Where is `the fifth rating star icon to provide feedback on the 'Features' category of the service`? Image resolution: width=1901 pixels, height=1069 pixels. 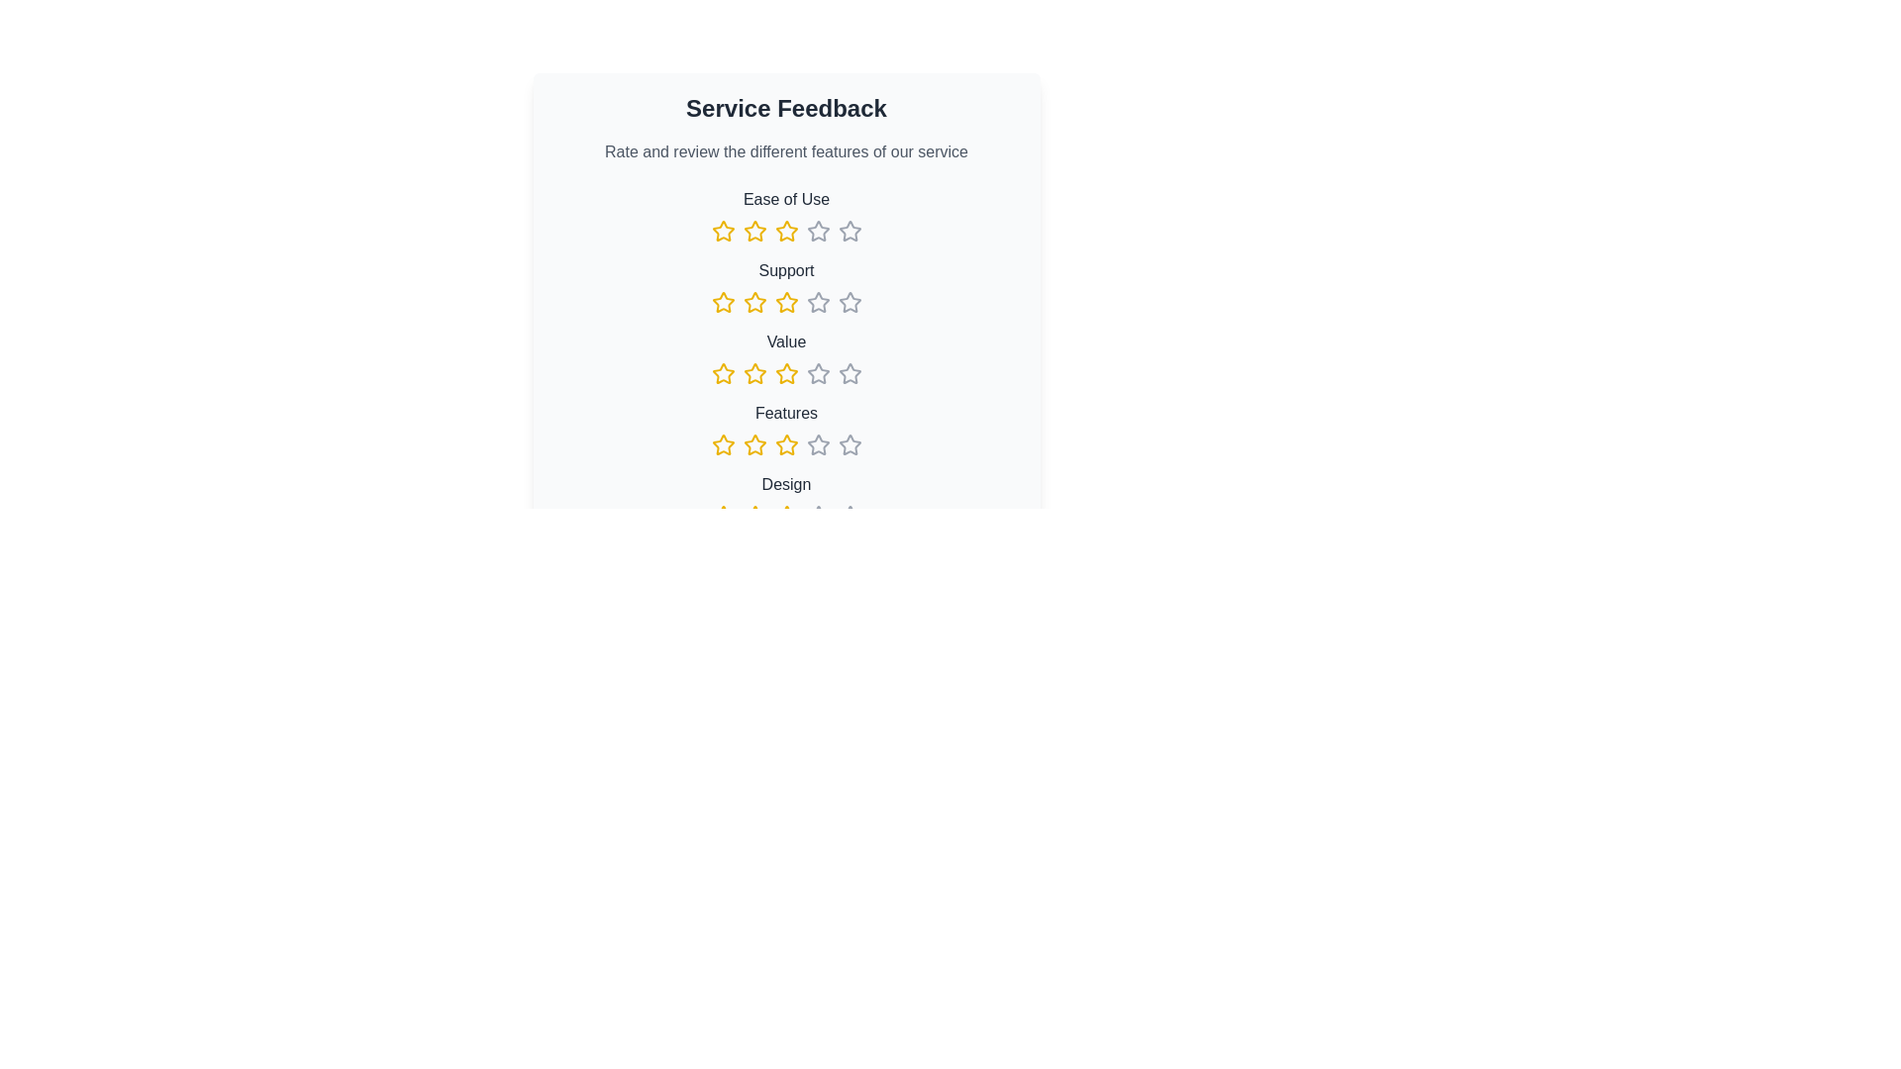
the fifth rating star icon to provide feedback on the 'Features' category of the service is located at coordinates (850, 445).